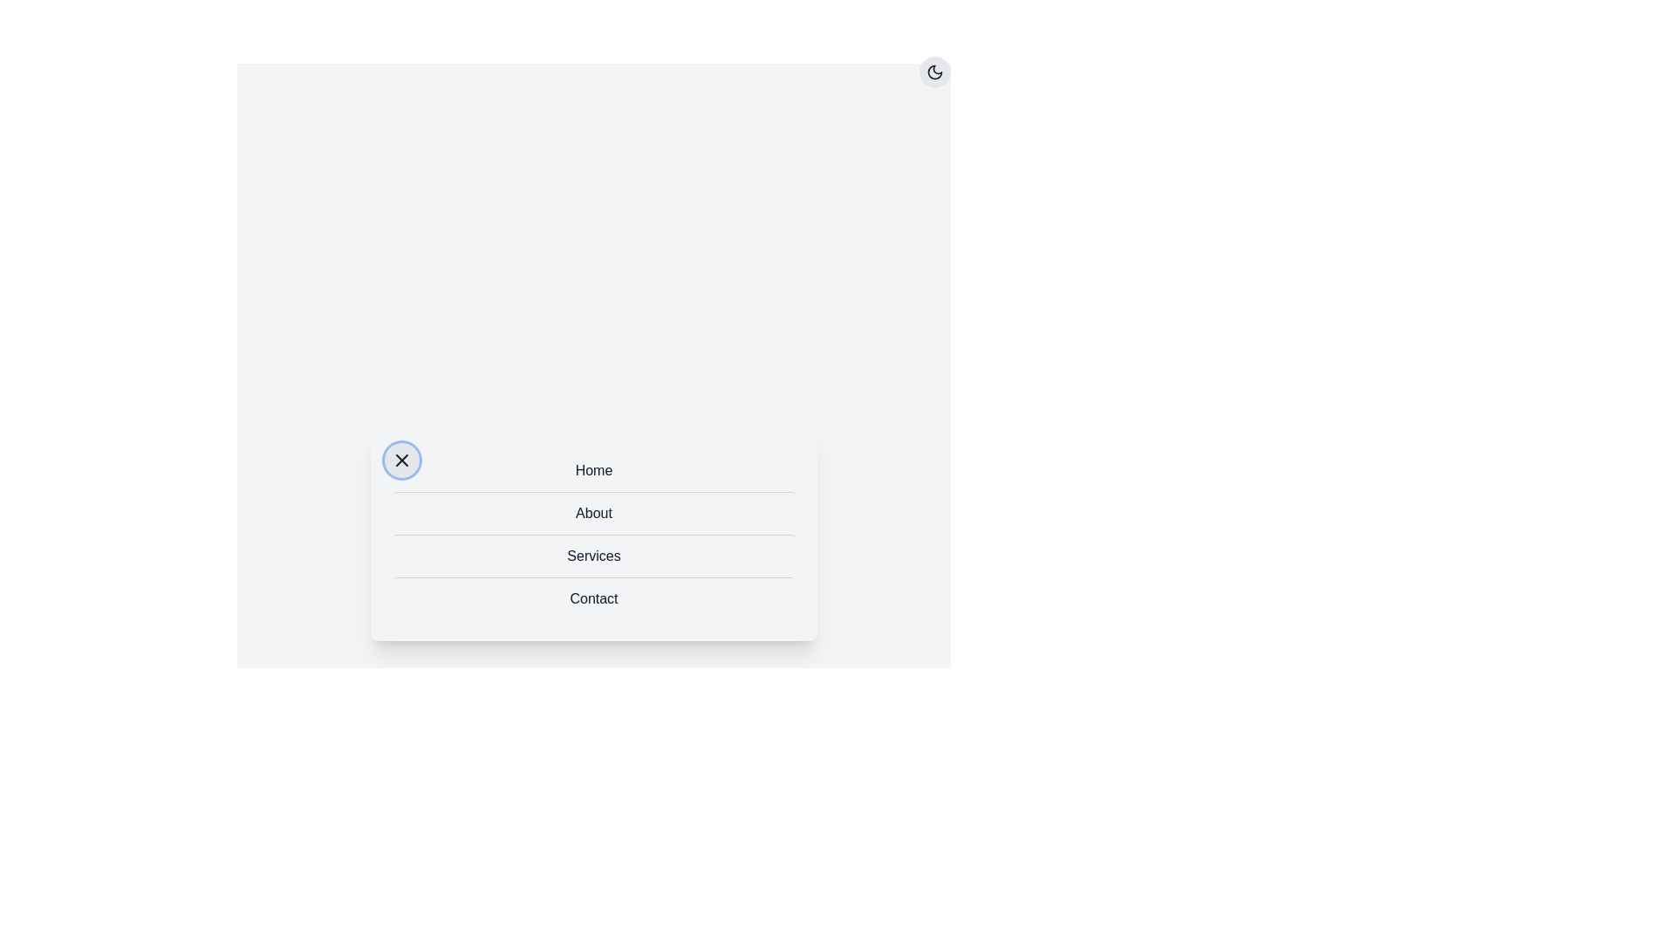  Describe the element at coordinates (400, 459) in the screenshot. I see `the button with the 'X' icon to toggle the menu visibility` at that location.